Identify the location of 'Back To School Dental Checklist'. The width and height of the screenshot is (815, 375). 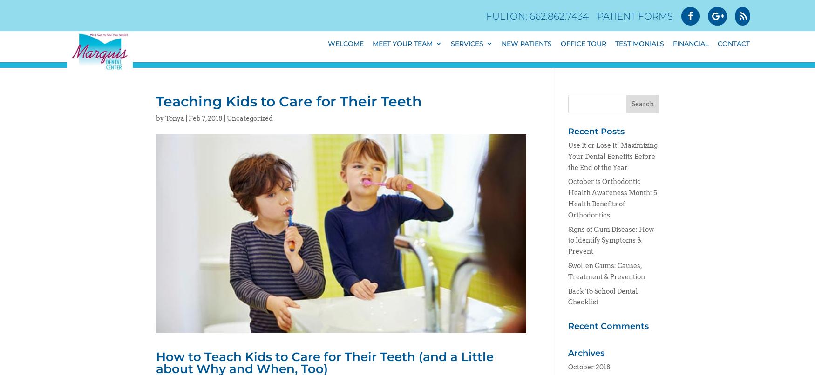
(602, 296).